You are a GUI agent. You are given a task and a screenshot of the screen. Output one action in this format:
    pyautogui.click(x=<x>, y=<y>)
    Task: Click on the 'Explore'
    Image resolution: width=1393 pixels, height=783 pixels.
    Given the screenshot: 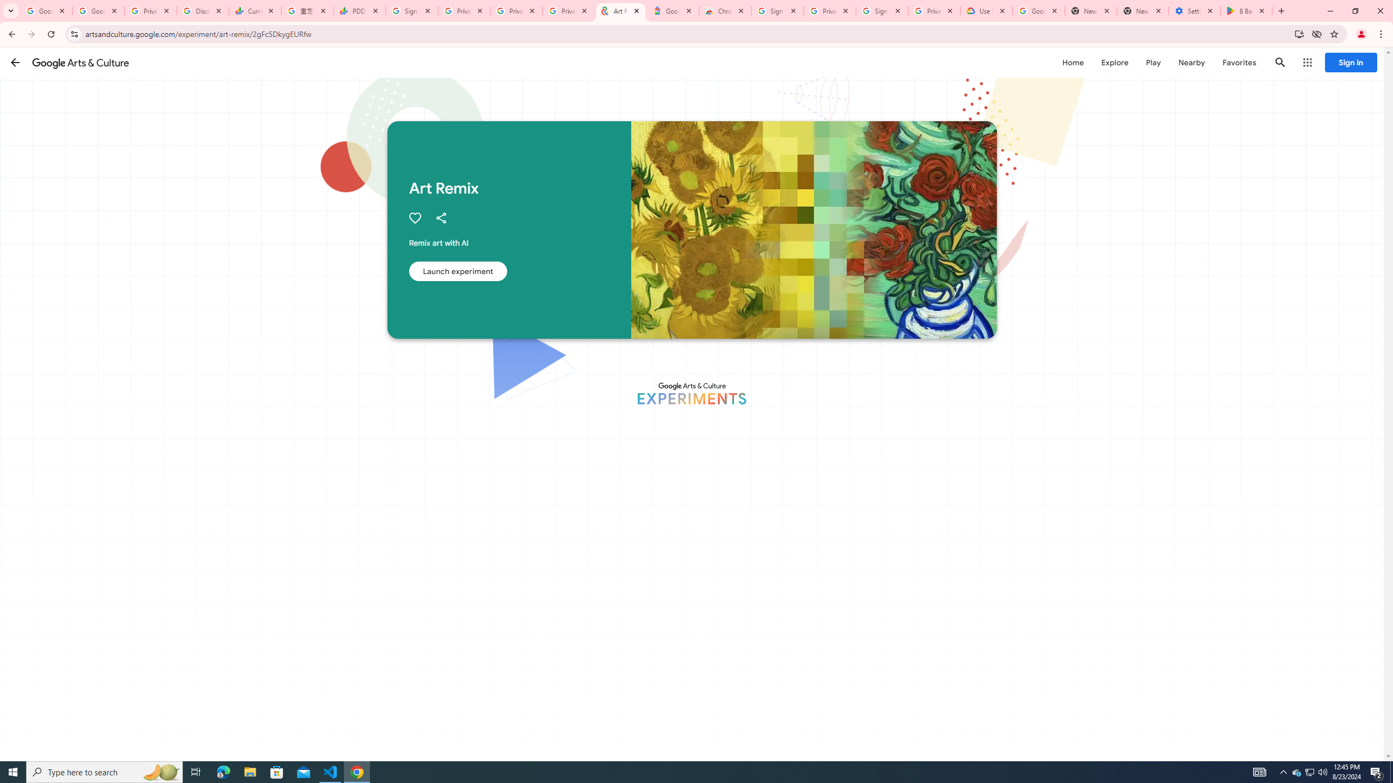 What is the action you would take?
    pyautogui.click(x=1114, y=62)
    